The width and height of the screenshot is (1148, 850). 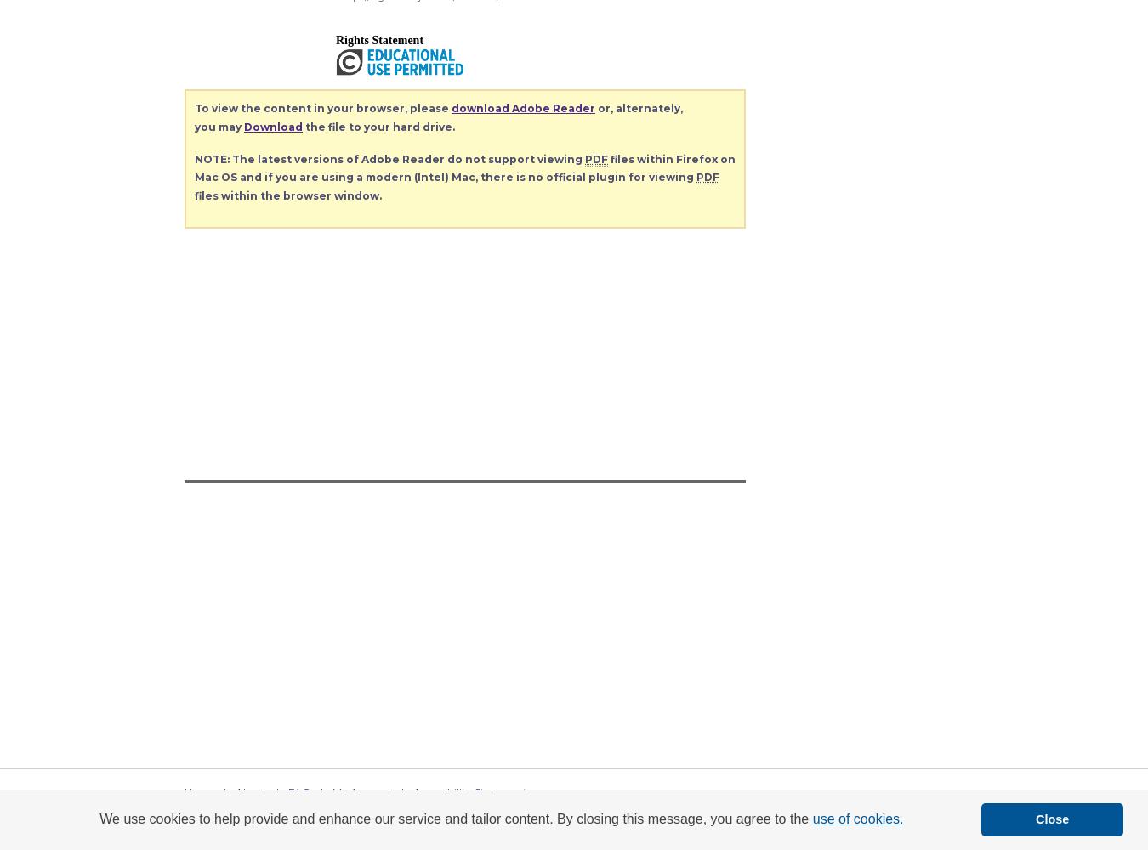 What do you see at coordinates (464, 167) in the screenshot?
I see `'files within Firefox on Mac OS and if you are using a modern (Intel) Mac, there is no official plugin for viewing'` at bounding box center [464, 167].